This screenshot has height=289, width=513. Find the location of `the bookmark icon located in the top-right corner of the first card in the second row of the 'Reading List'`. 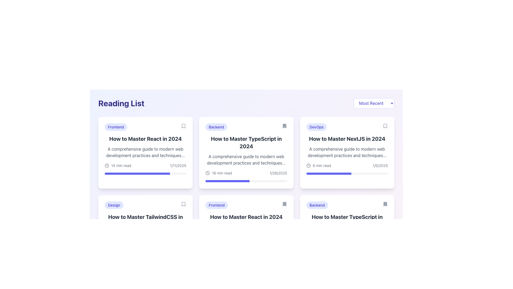

the bookmark icon located in the top-right corner of the first card in the second row of the 'Reading List' is located at coordinates (184, 204).